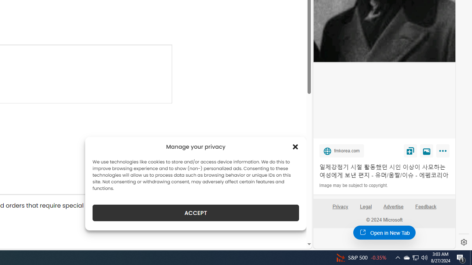 The width and height of the screenshot is (472, 265). What do you see at coordinates (444, 152) in the screenshot?
I see `'More'` at bounding box center [444, 152].